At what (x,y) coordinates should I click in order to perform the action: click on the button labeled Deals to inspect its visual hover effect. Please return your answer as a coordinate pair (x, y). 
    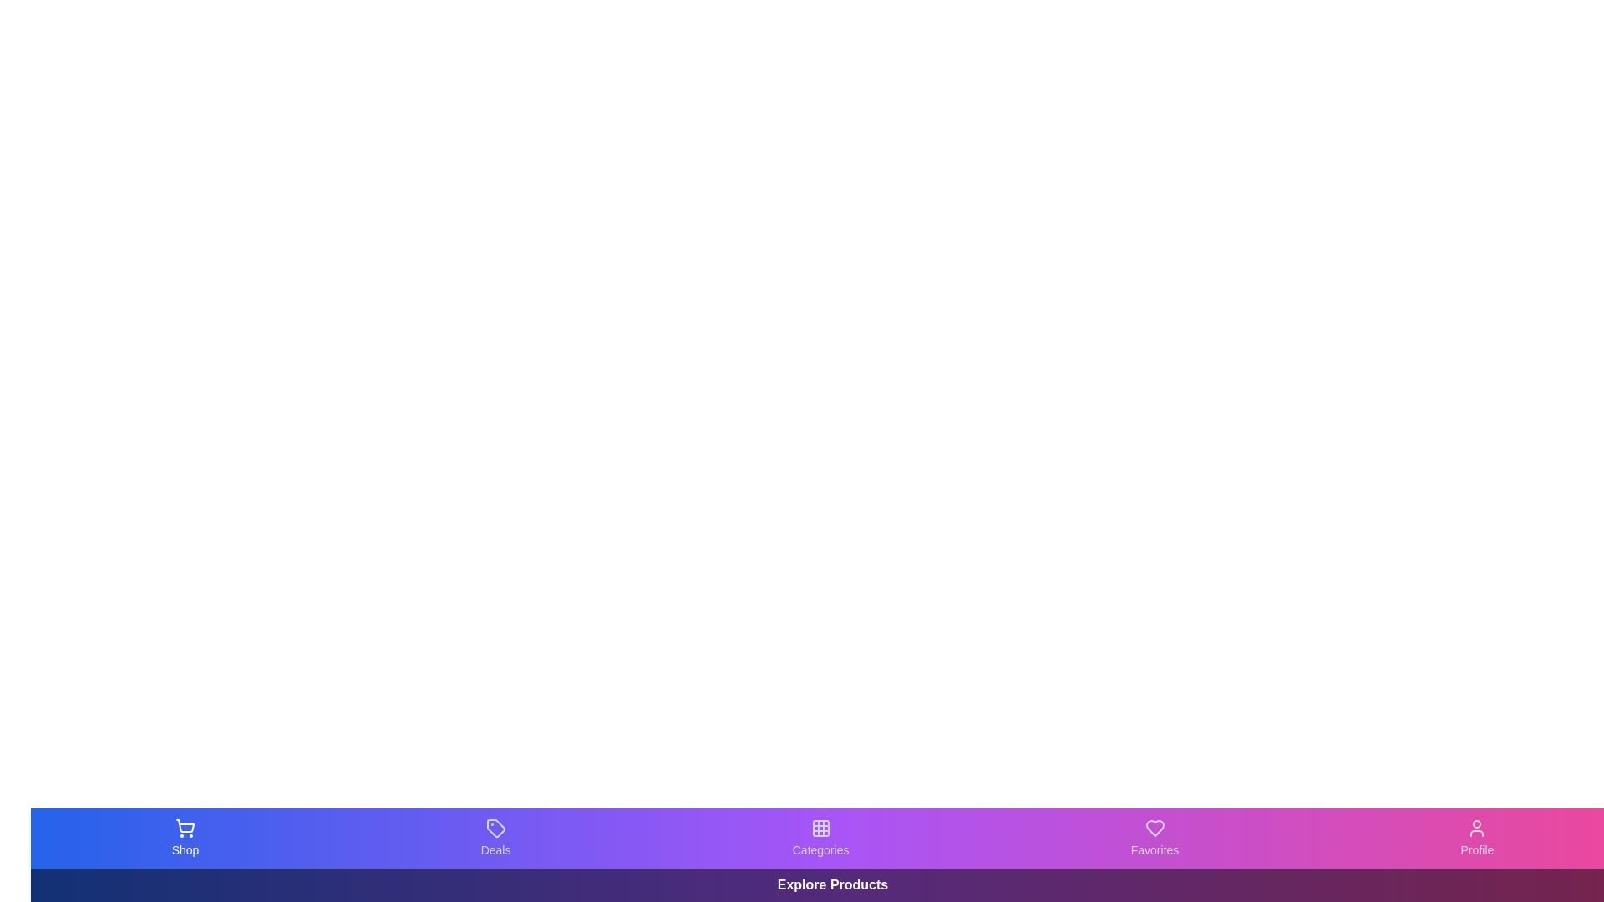
    Looking at the image, I should click on (495, 838).